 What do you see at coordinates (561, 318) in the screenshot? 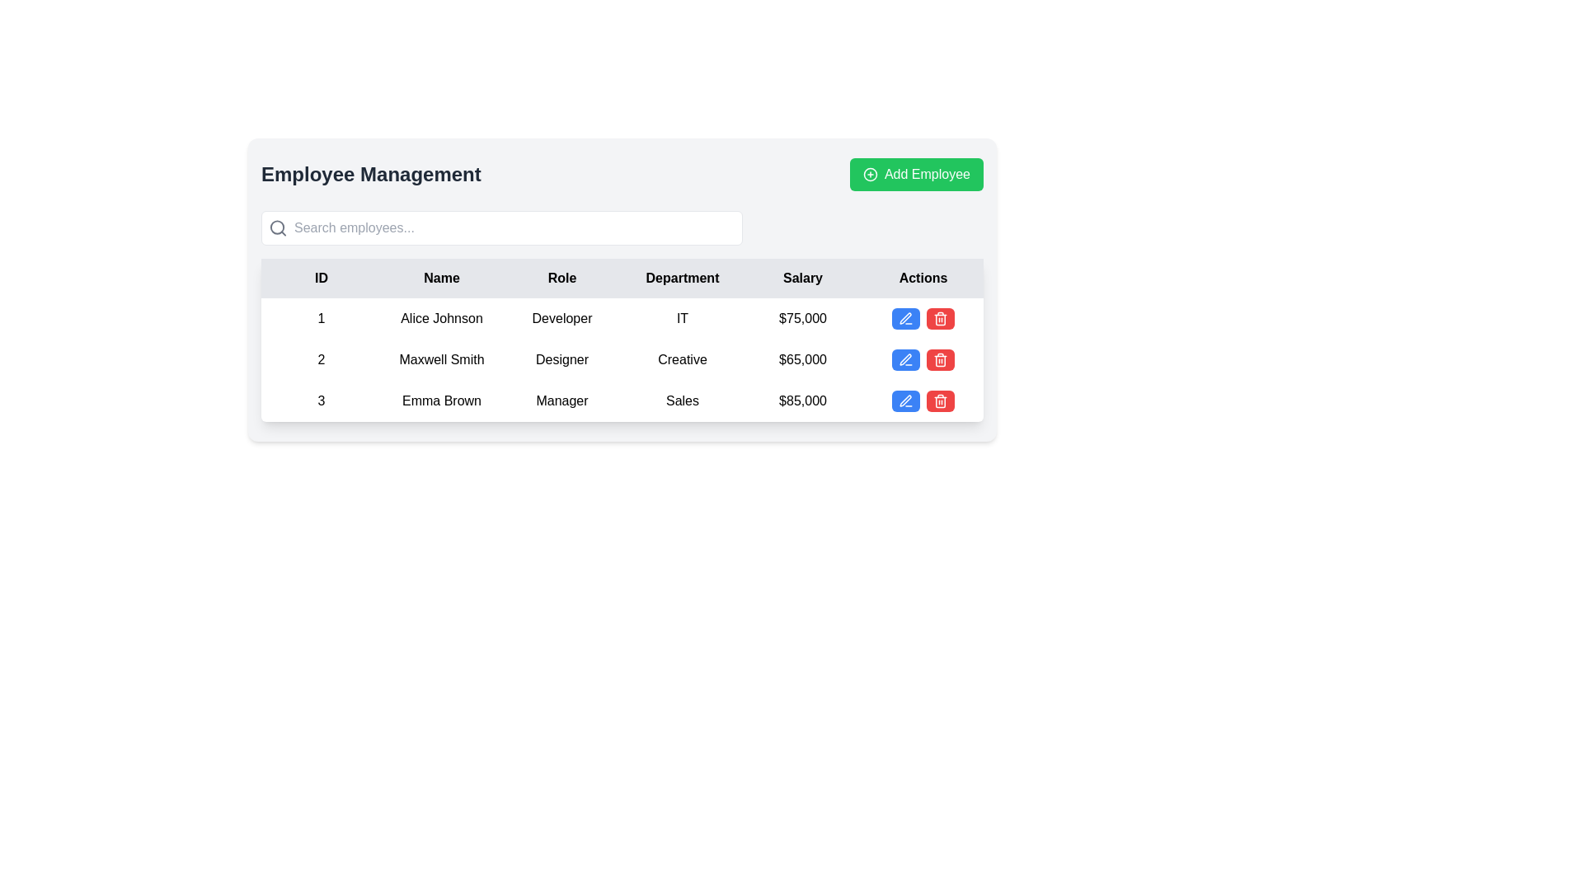
I see `the static text element displaying the professional role 'Developer' in the first row, third column of the employee details grid table` at bounding box center [561, 318].